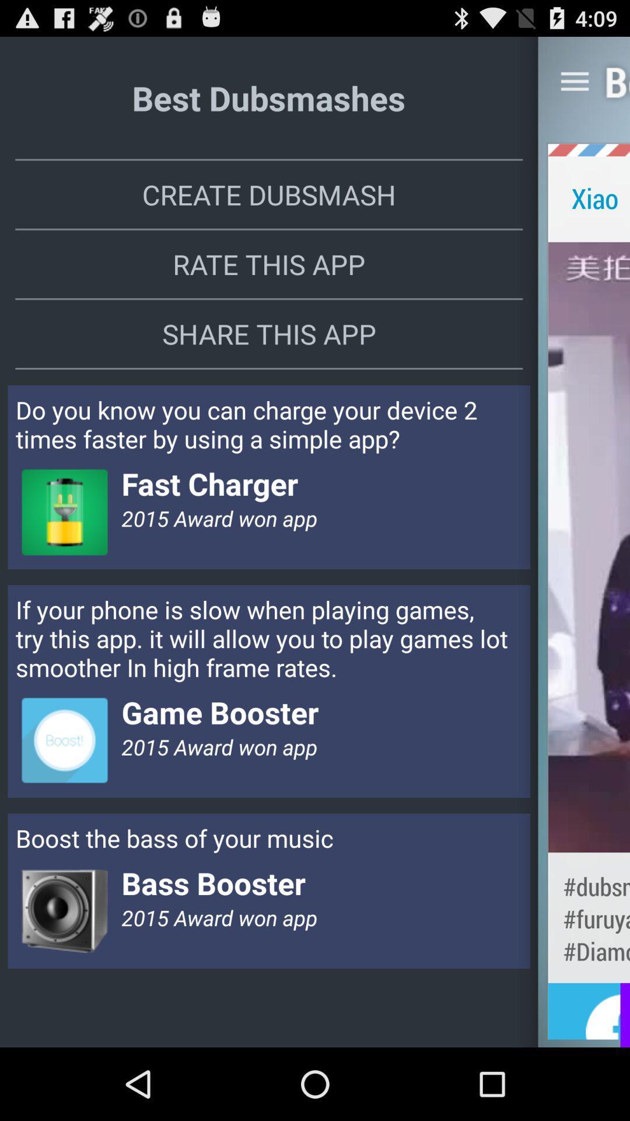 This screenshot has height=1121, width=630. I want to click on item above the dubsmash spongebob spongebobsquarepants, so click(589, 546).